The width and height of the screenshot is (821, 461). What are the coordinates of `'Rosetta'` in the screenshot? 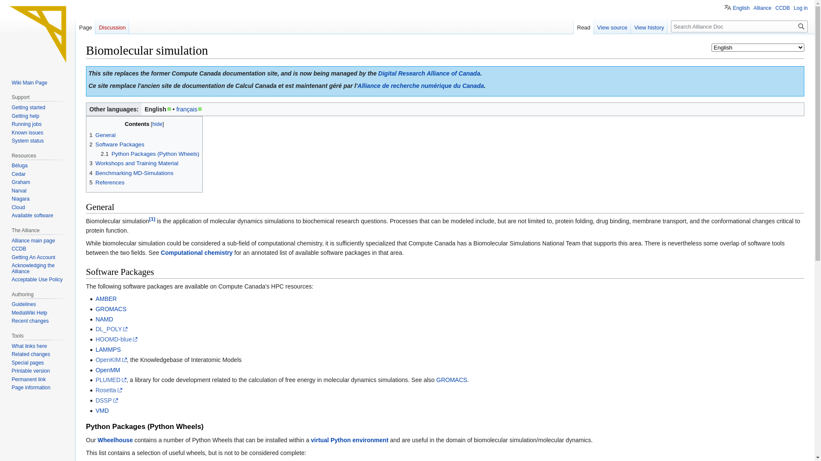 It's located at (95, 390).